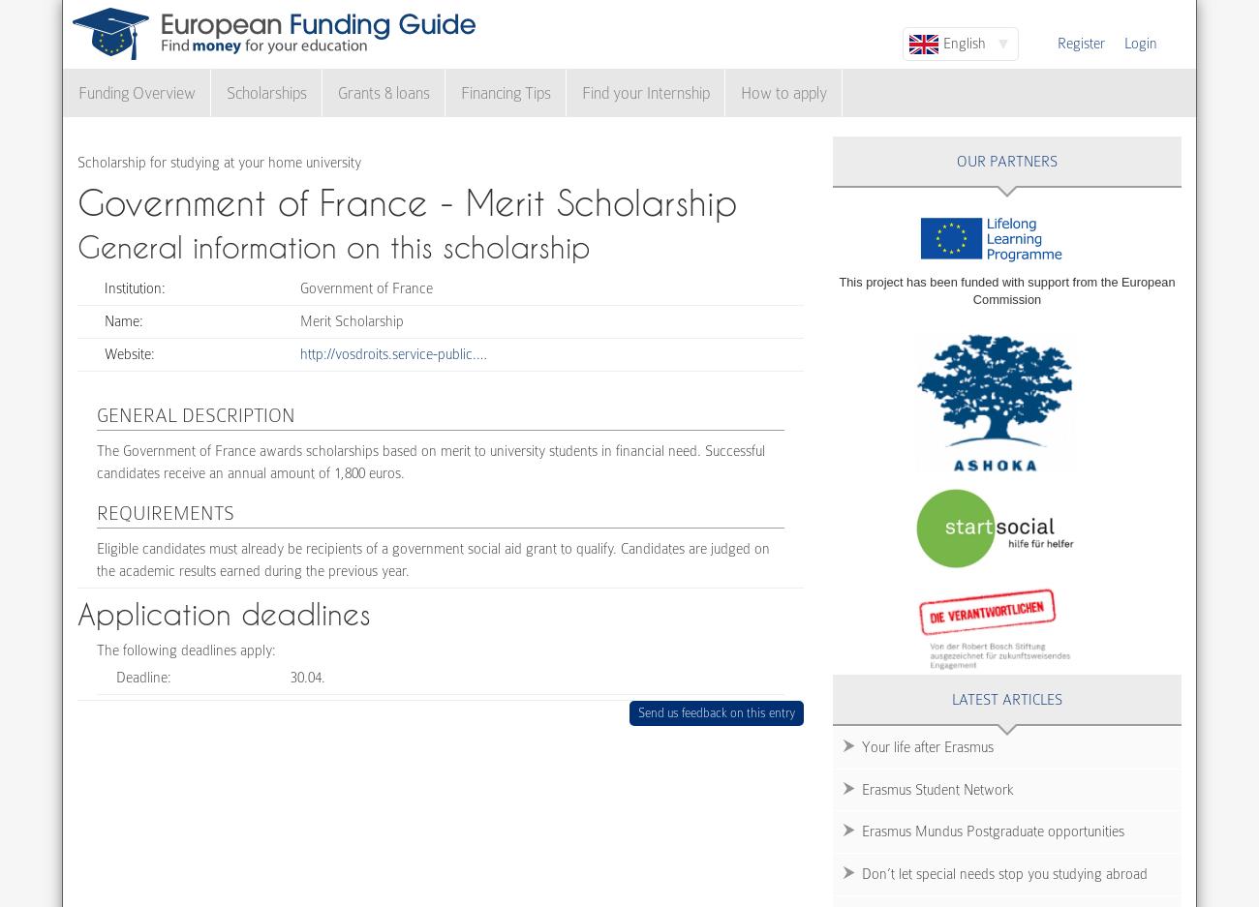  What do you see at coordinates (951, 697) in the screenshot?
I see `'Latest articles'` at bounding box center [951, 697].